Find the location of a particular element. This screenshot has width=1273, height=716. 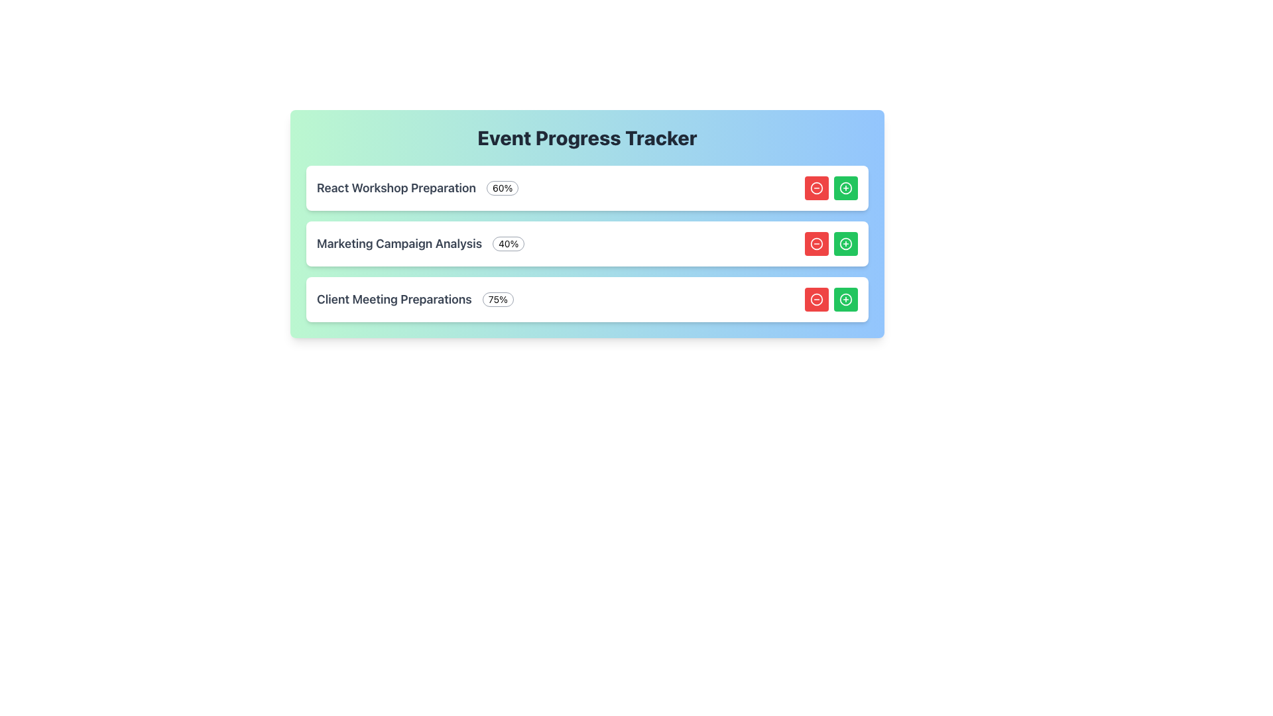

the green circular shape within the 'circle-plus' icon in the topmost entry of the list on the right end of the progress tracker, adjacent to 'React Workshop Preparation' is located at coordinates (845, 188).